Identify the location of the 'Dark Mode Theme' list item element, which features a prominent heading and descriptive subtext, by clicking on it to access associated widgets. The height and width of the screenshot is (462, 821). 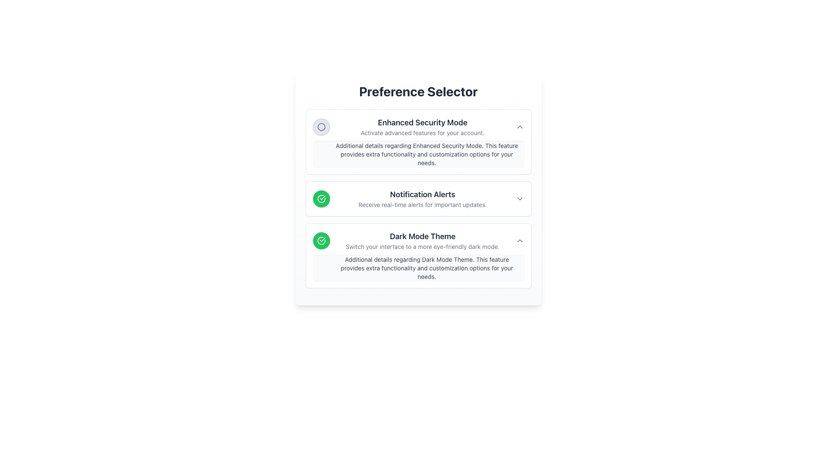
(418, 241).